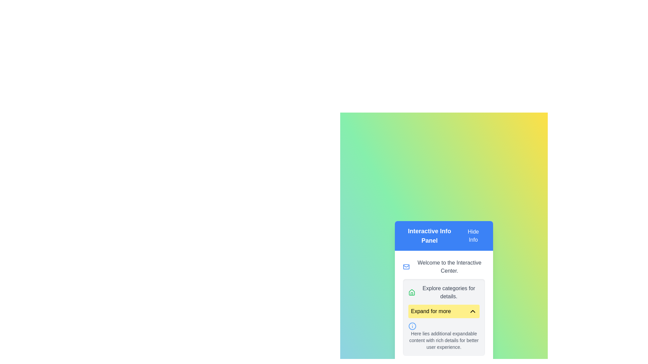  I want to click on the 'Interactive Info Panel' text label, which is a bold title in white sans-serif font on a blue background, located at the top-left of the header section, so click(429, 235).